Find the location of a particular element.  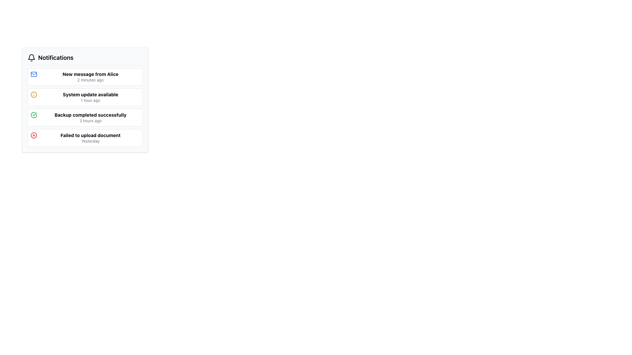

information displayed in the Text Label indicating the time elapsed since the event occurred, specifically showing '1 hour ago', located under the second notification titled 'System update available' is located at coordinates (90, 100).